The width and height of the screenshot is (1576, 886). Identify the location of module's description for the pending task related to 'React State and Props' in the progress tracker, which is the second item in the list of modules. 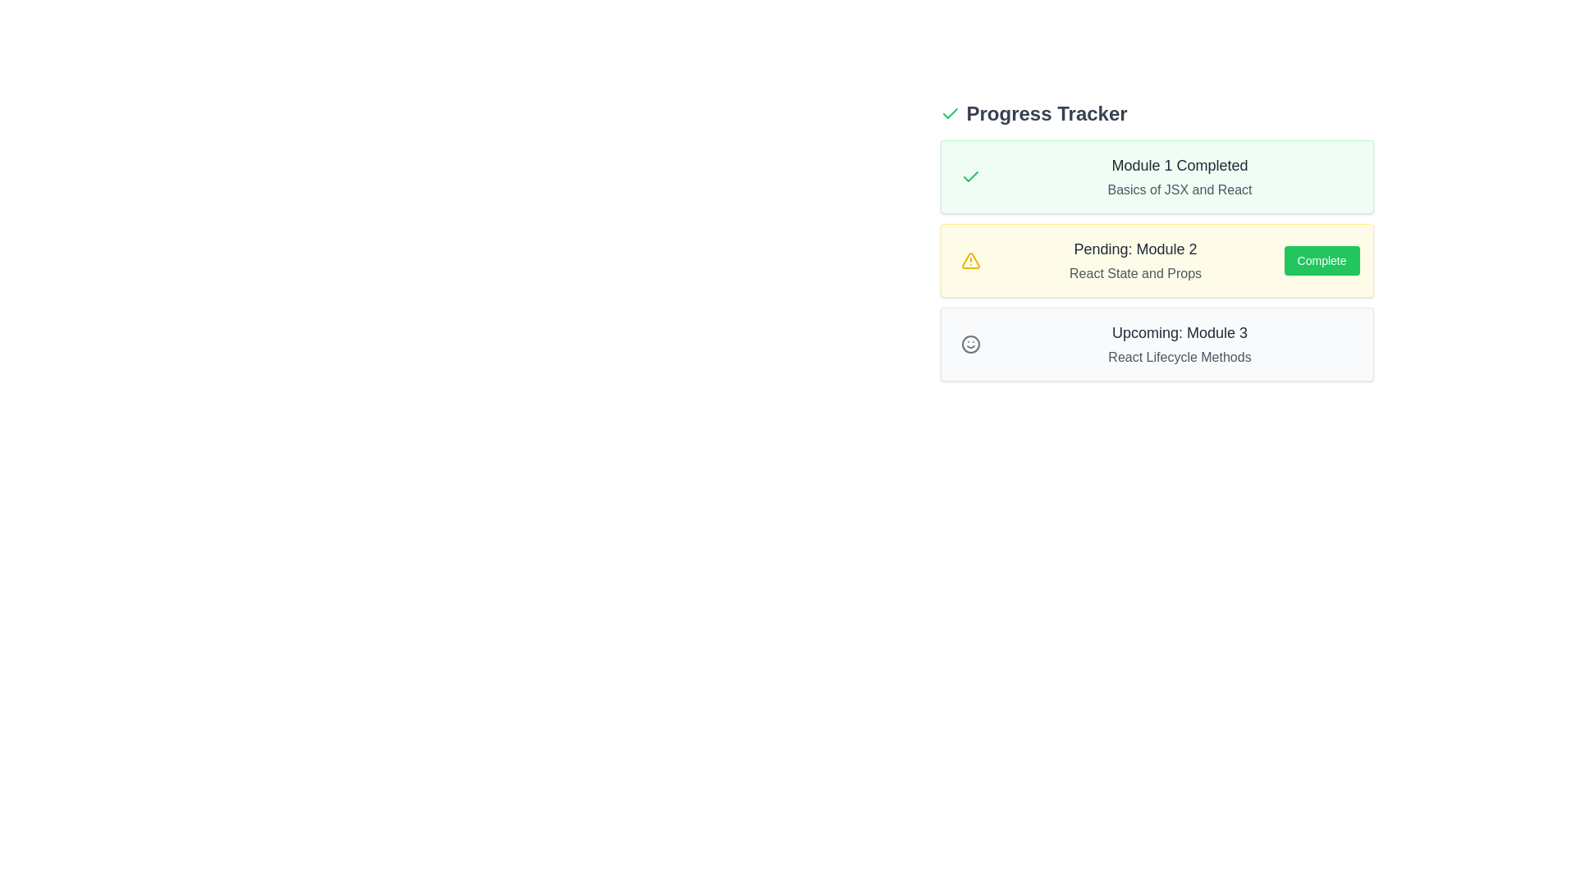
(1156, 259).